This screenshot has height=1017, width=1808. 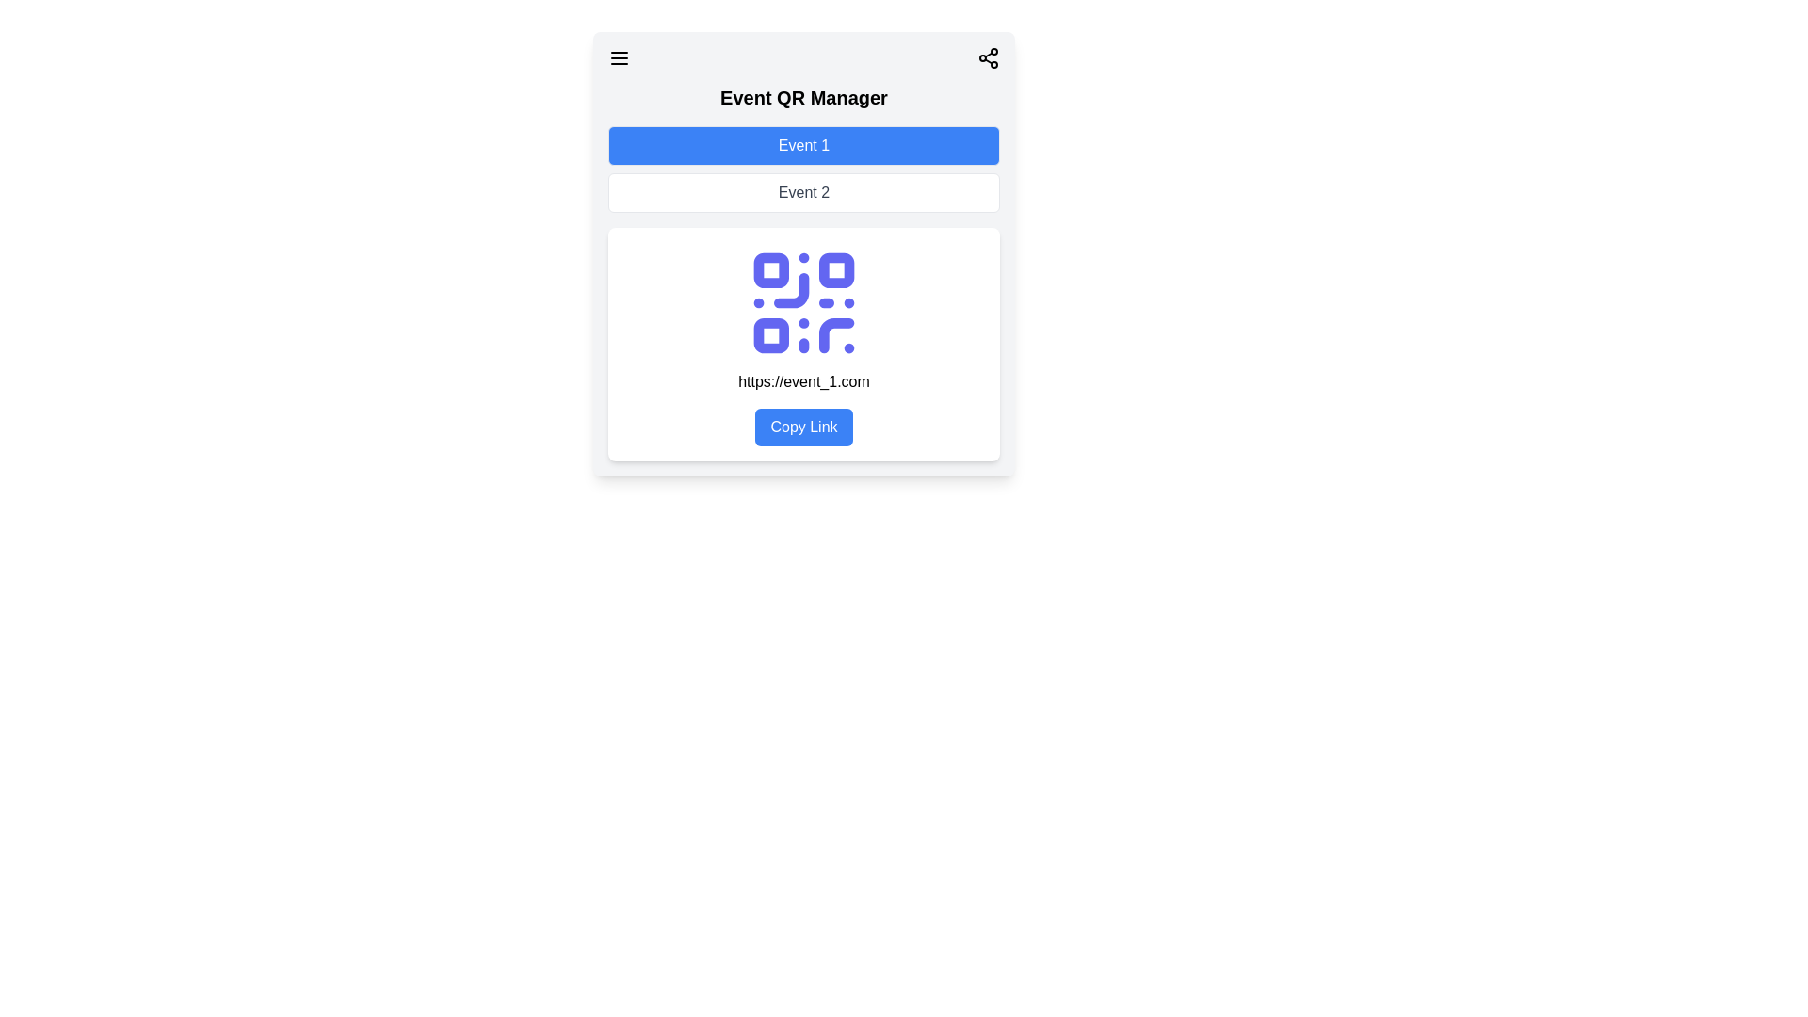 I want to click on the second square from the left on the top row of squares within the QR code in the 'Event QR Manager' content card, so click(x=835, y=270).